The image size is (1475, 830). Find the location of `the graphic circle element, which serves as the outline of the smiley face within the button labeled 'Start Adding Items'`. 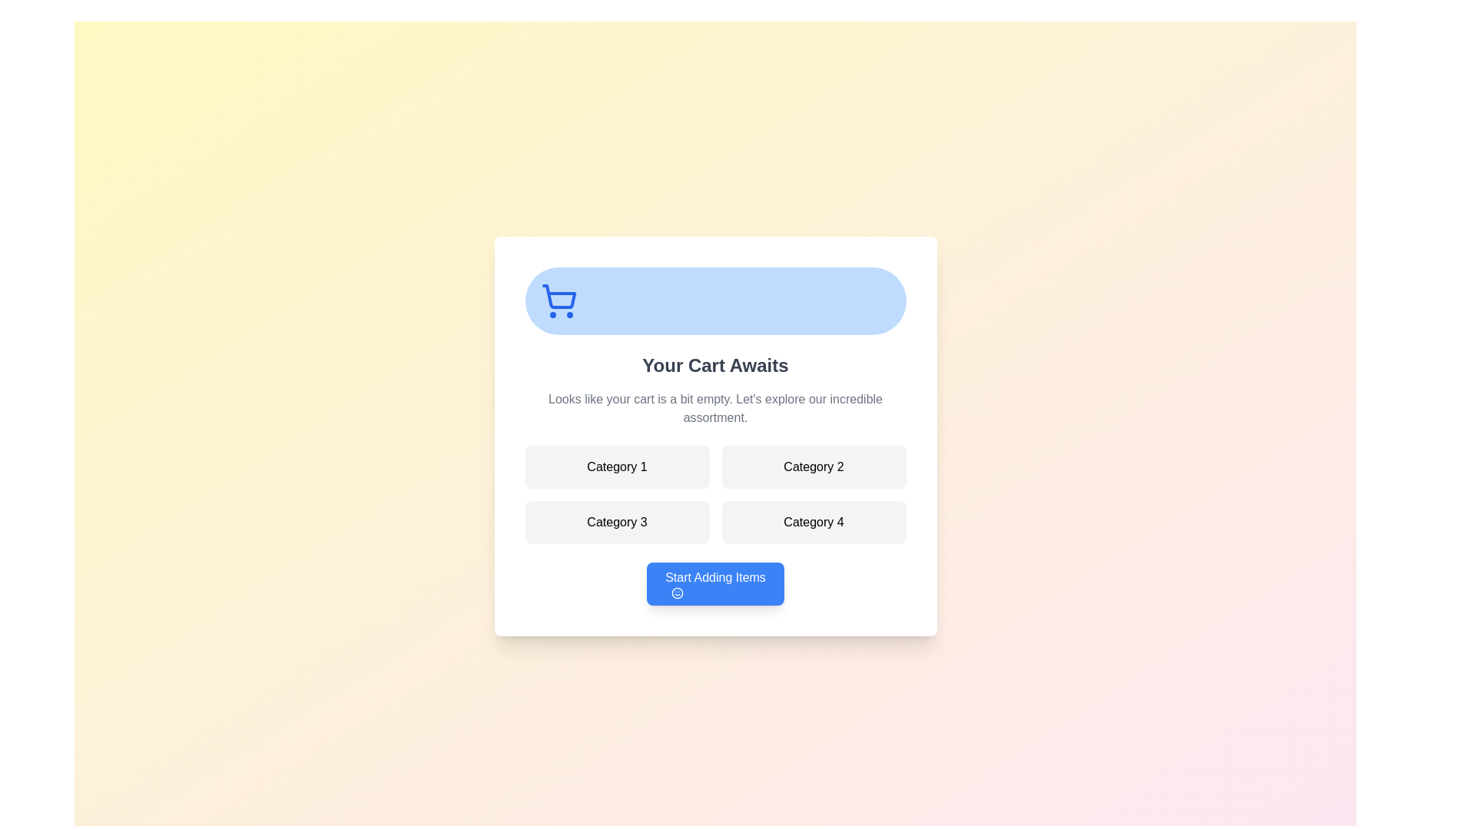

the graphic circle element, which serves as the outline of the smiley face within the button labeled 'Start Adding Items' is located at coordinates (677, 592).